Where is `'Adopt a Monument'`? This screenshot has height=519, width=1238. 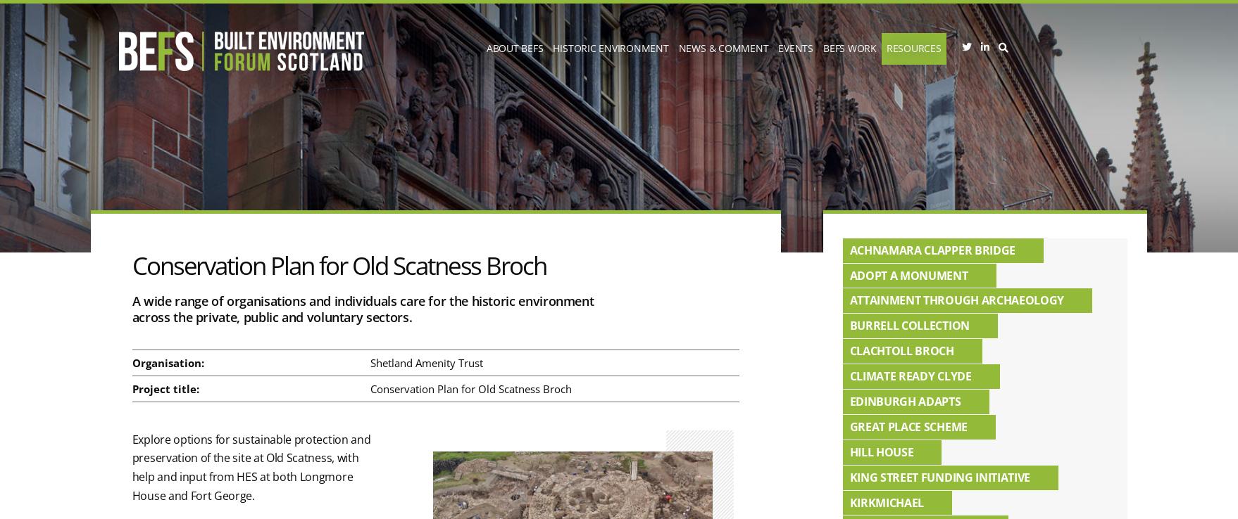 'Adopt a Monument' is located at coordinates (908, 274).